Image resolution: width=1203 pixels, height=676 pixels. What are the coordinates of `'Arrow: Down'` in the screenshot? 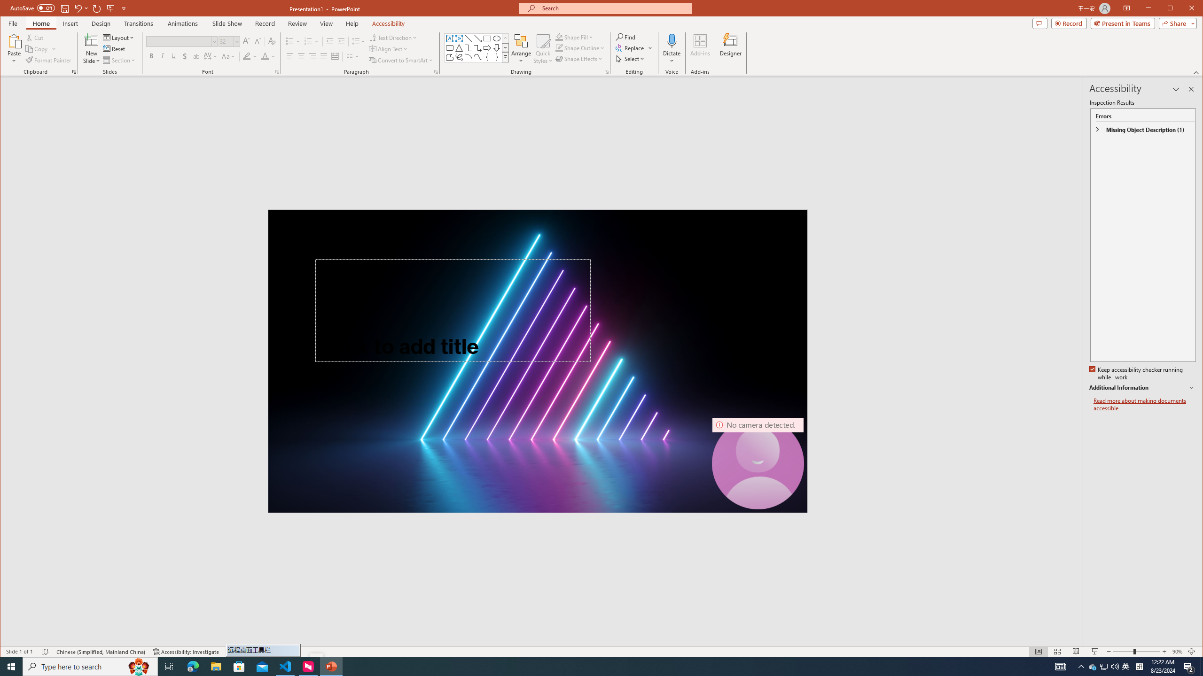 It's located at (496, 48).